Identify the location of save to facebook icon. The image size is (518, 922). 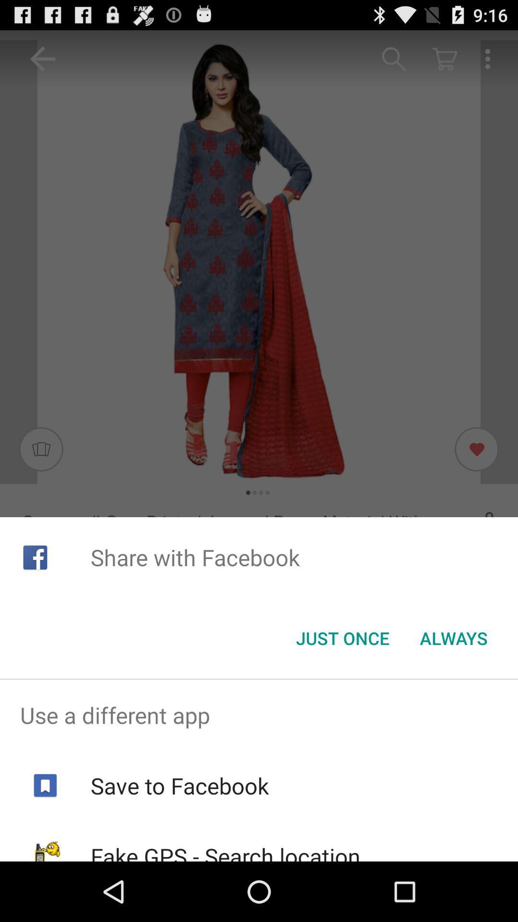
(179, 786).